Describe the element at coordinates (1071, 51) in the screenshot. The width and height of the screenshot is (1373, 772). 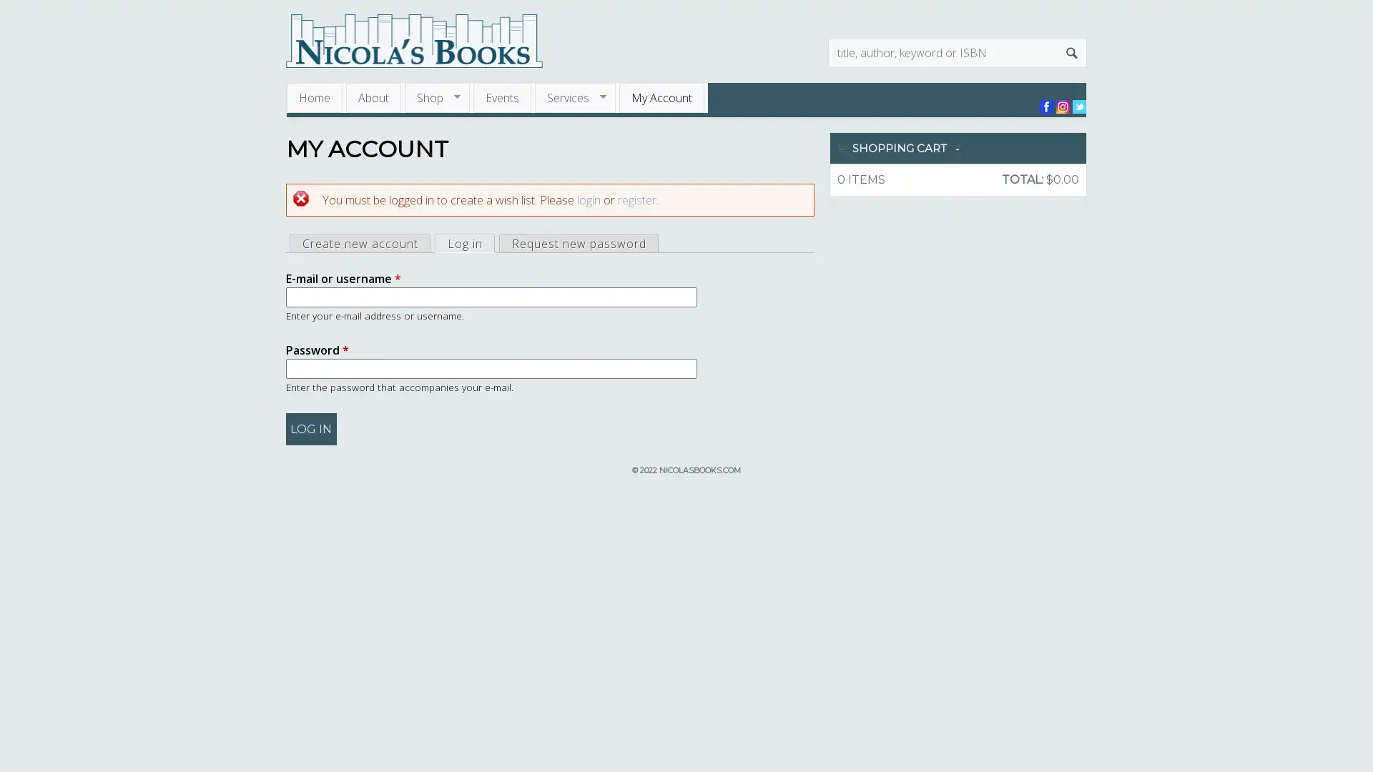
I see `Search` at that location.